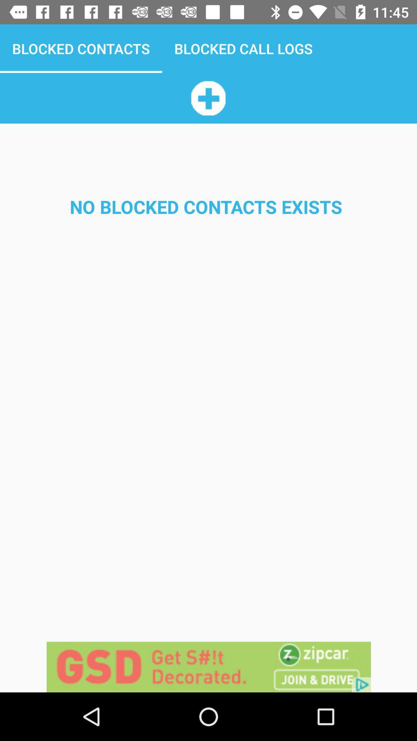  I want to click on the add icon, so click(208, 98).